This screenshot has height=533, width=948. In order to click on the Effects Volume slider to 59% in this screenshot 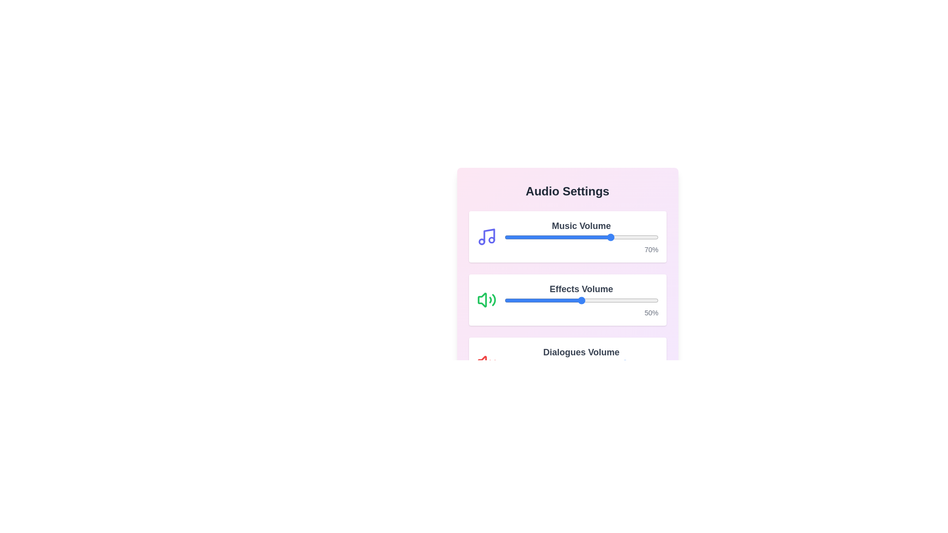, I will do `click(594, 300)`.